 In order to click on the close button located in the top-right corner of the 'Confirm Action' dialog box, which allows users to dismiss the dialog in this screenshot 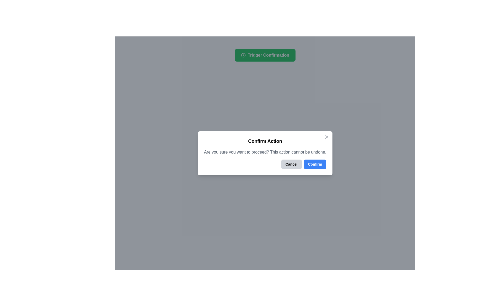, I will do `click(326, 137)`.